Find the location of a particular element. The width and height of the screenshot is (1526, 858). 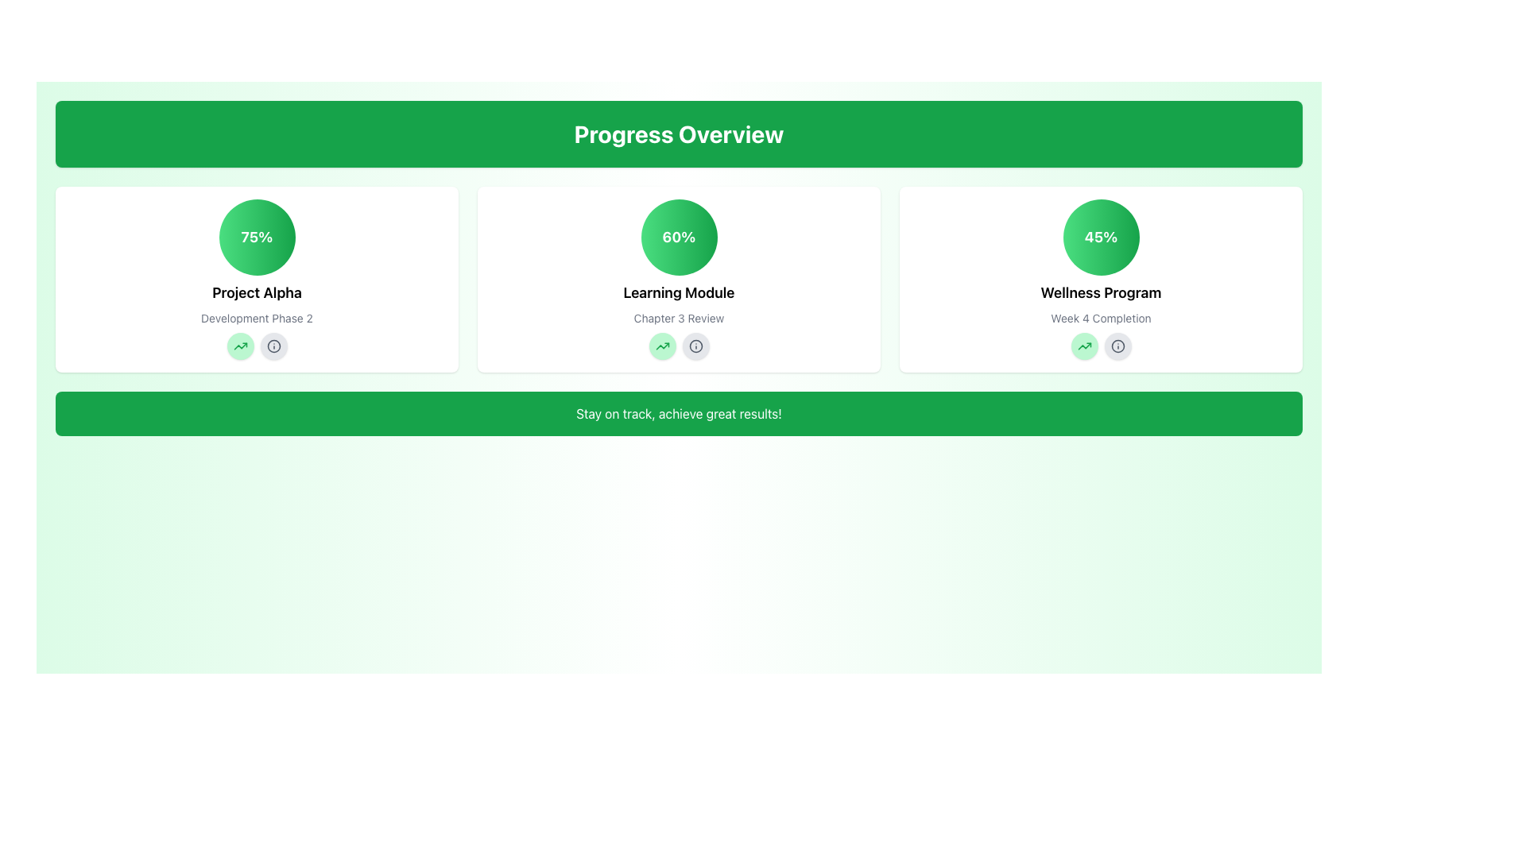

the text label that indicates a specific phase or status related to 'Project Alpha', positioned within a card layout beneath the title is located at coordinates (257, 319).